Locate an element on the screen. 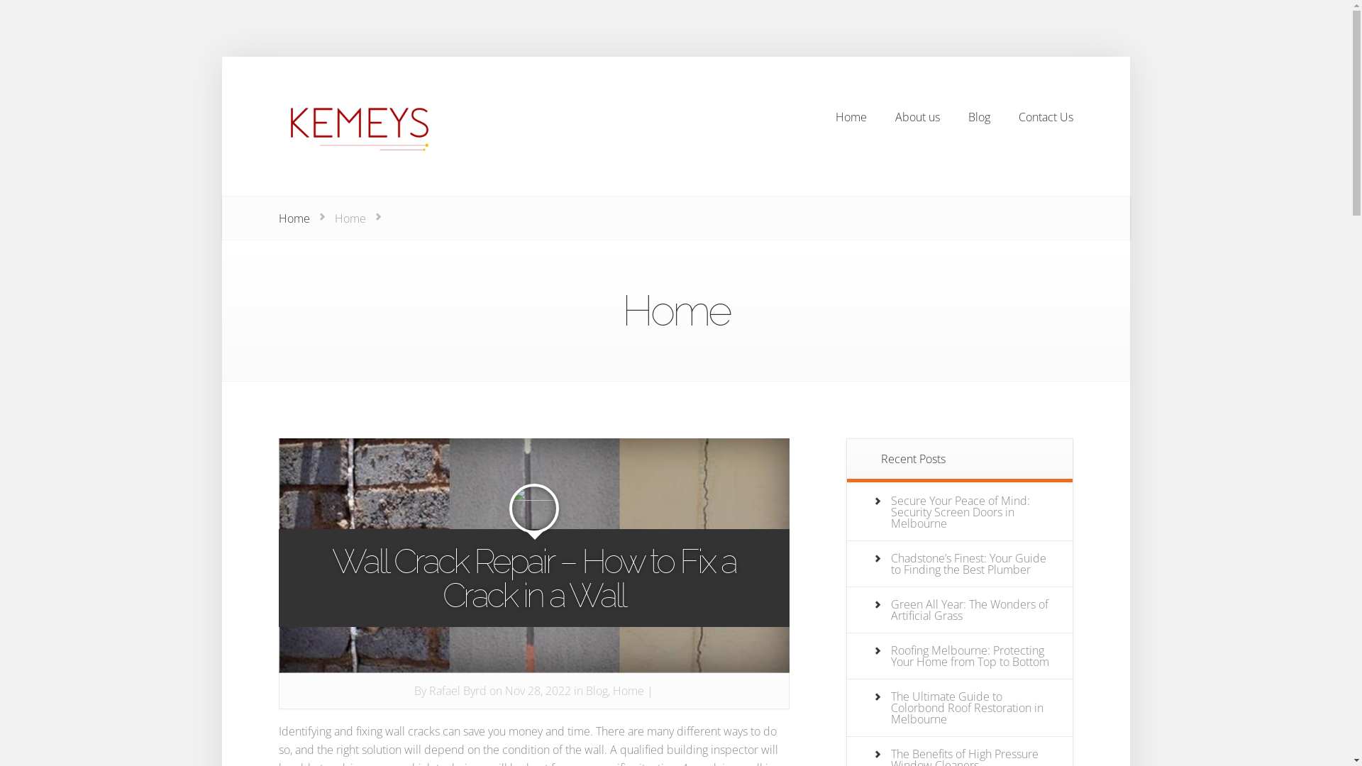 The width and height of the screenshot is (1362, 766). 'Home' is located at coordinates (292, 218).